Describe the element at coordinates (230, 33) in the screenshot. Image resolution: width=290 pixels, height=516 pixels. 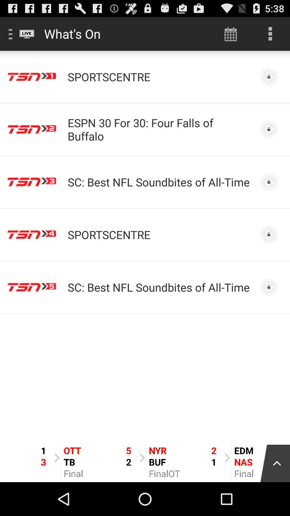
I see `item next to what's on` at that location.